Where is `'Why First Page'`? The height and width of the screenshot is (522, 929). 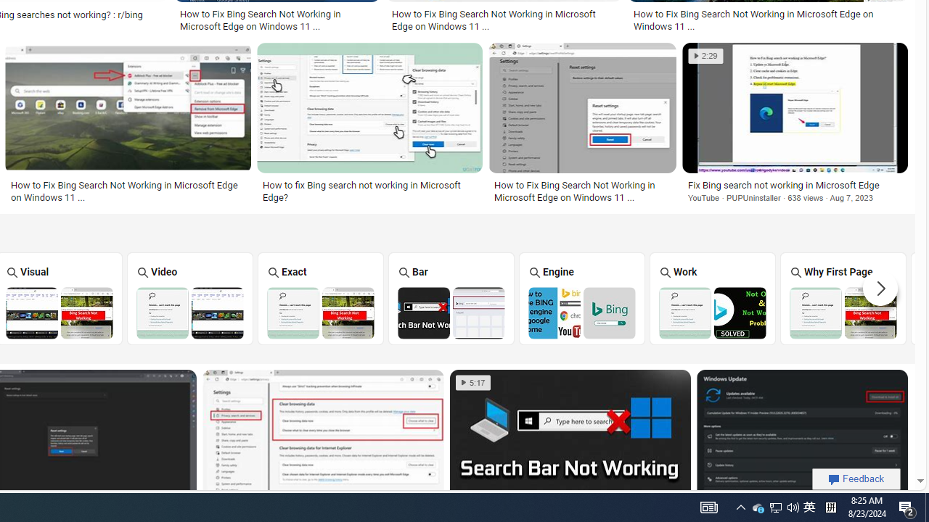 'Why First Page' is located at coordinates (843, 297).